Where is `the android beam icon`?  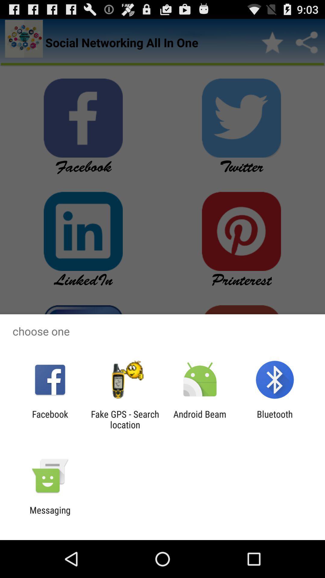 the android beam icon is located at coordinates (200, 419).